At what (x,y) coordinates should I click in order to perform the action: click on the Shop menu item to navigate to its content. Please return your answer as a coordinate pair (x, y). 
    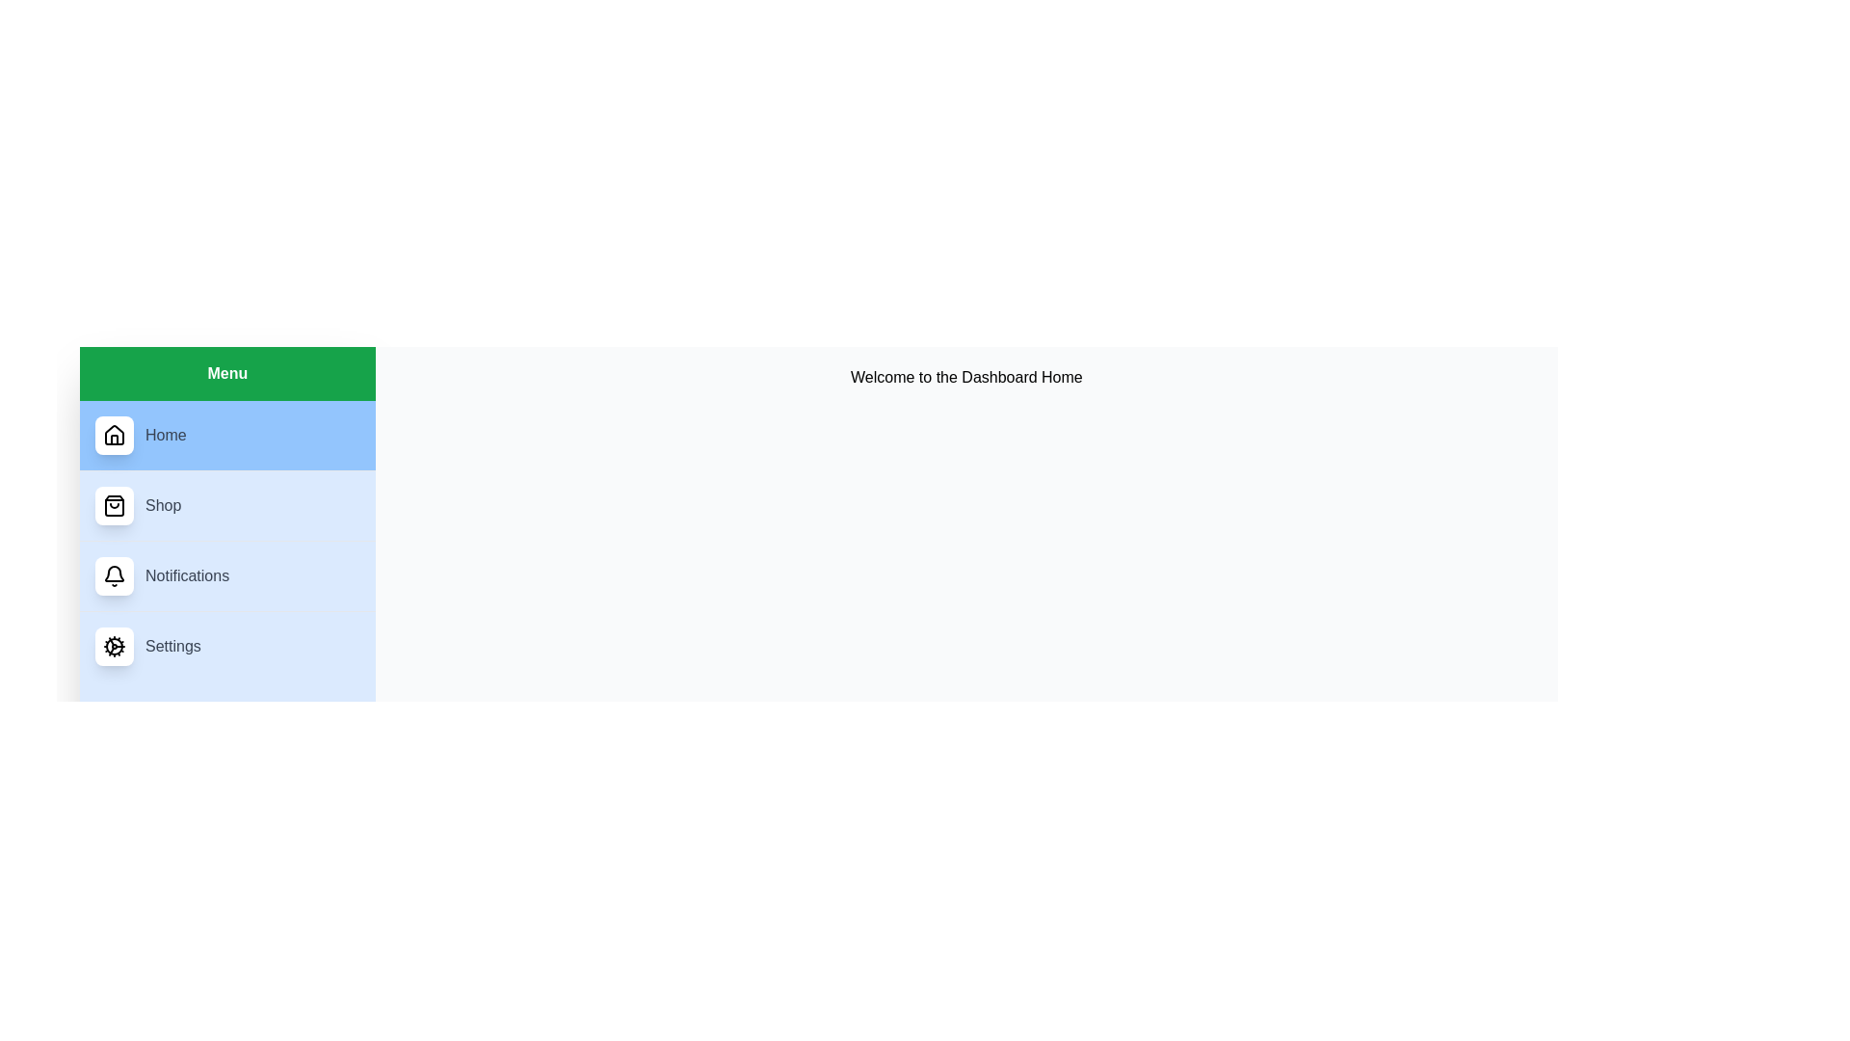
    Looking at the image, I should click on (226, 504).